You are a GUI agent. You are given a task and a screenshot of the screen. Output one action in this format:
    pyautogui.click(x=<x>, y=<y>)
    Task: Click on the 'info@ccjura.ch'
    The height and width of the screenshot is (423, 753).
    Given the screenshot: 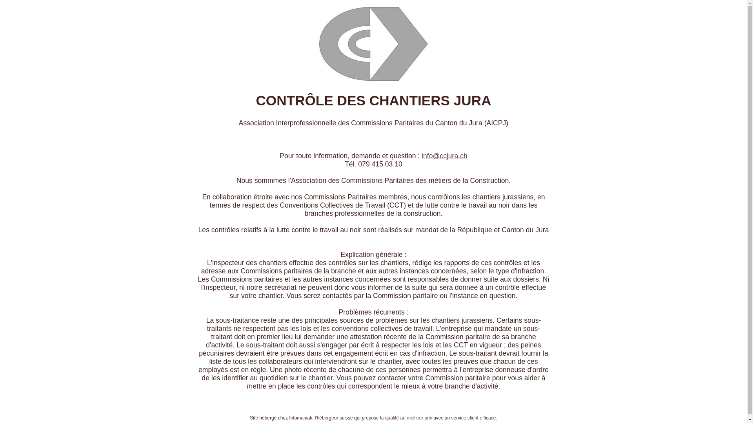 What is the action you would take?
    pyautogui.click(x=444, y=155)
    